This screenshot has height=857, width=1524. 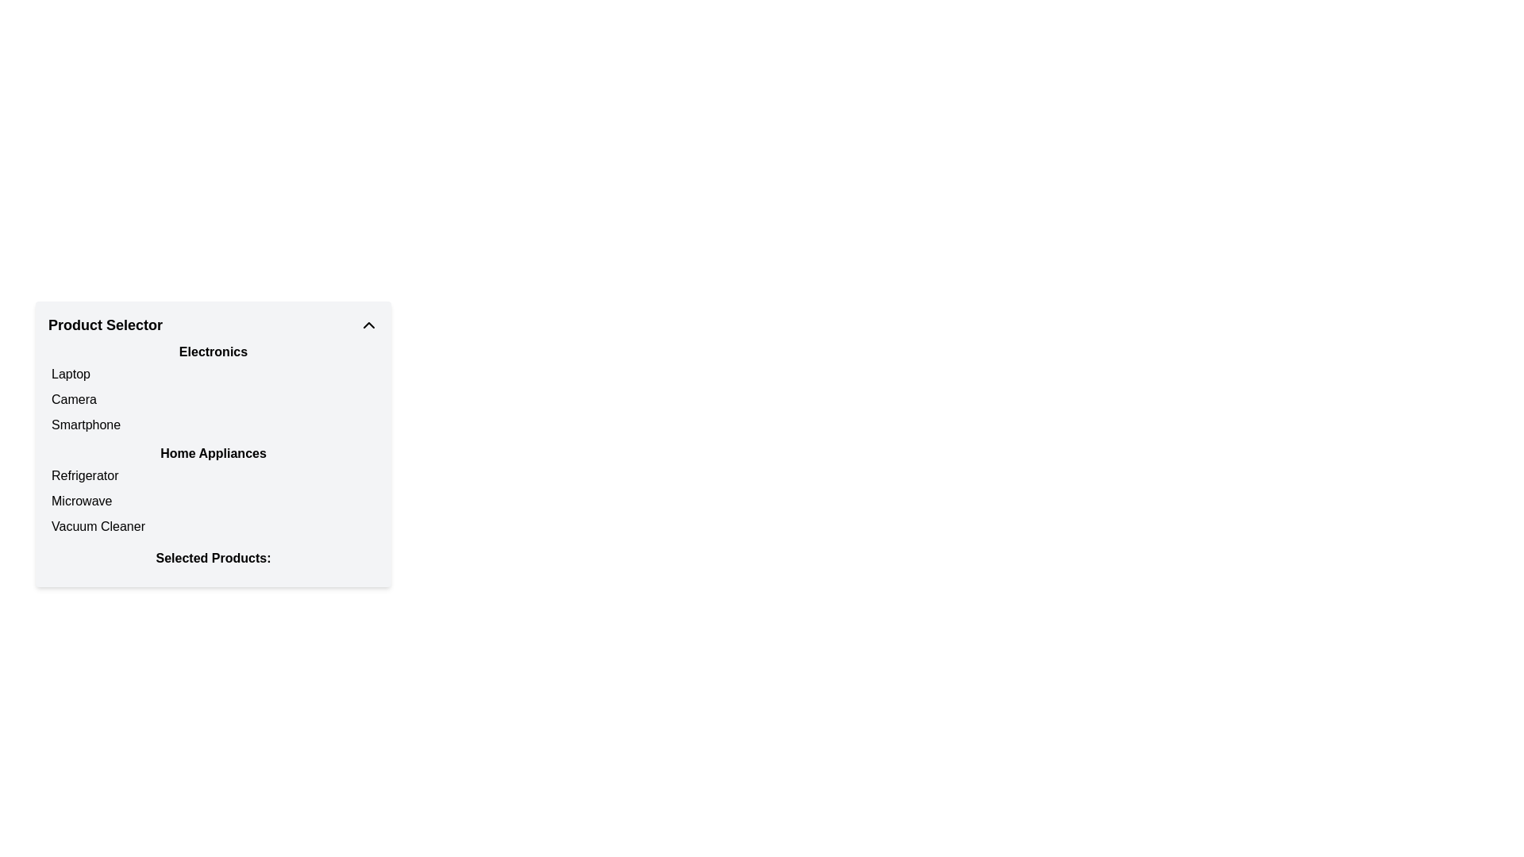 I want to click on the Text label that serves as a category header for electronics in the 'Product Selector' section, positioned above the items 'Laptop', 'Camera', and 'Smartphone', so click(x=212, y=351).